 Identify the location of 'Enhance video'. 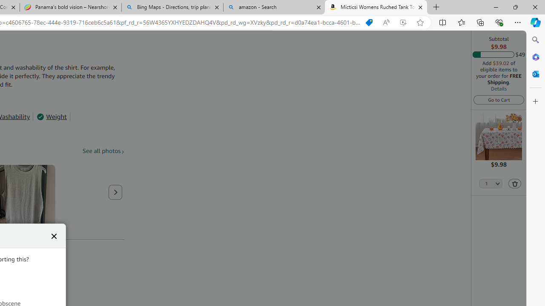
(402, 22).